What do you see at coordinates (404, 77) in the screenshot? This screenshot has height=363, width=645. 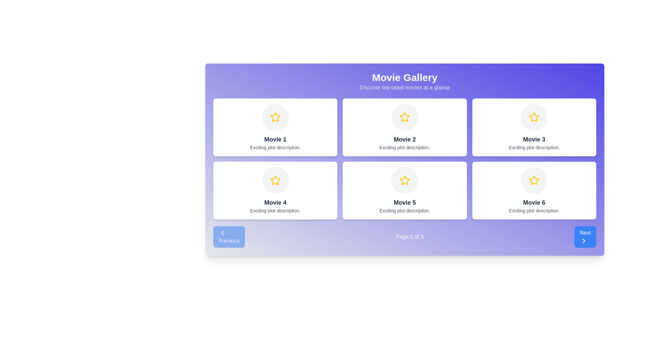 I see `the header text that indicates the current page or section title for the movie gallery, located at the top central area of the interface` at bounding box center [404, 77].